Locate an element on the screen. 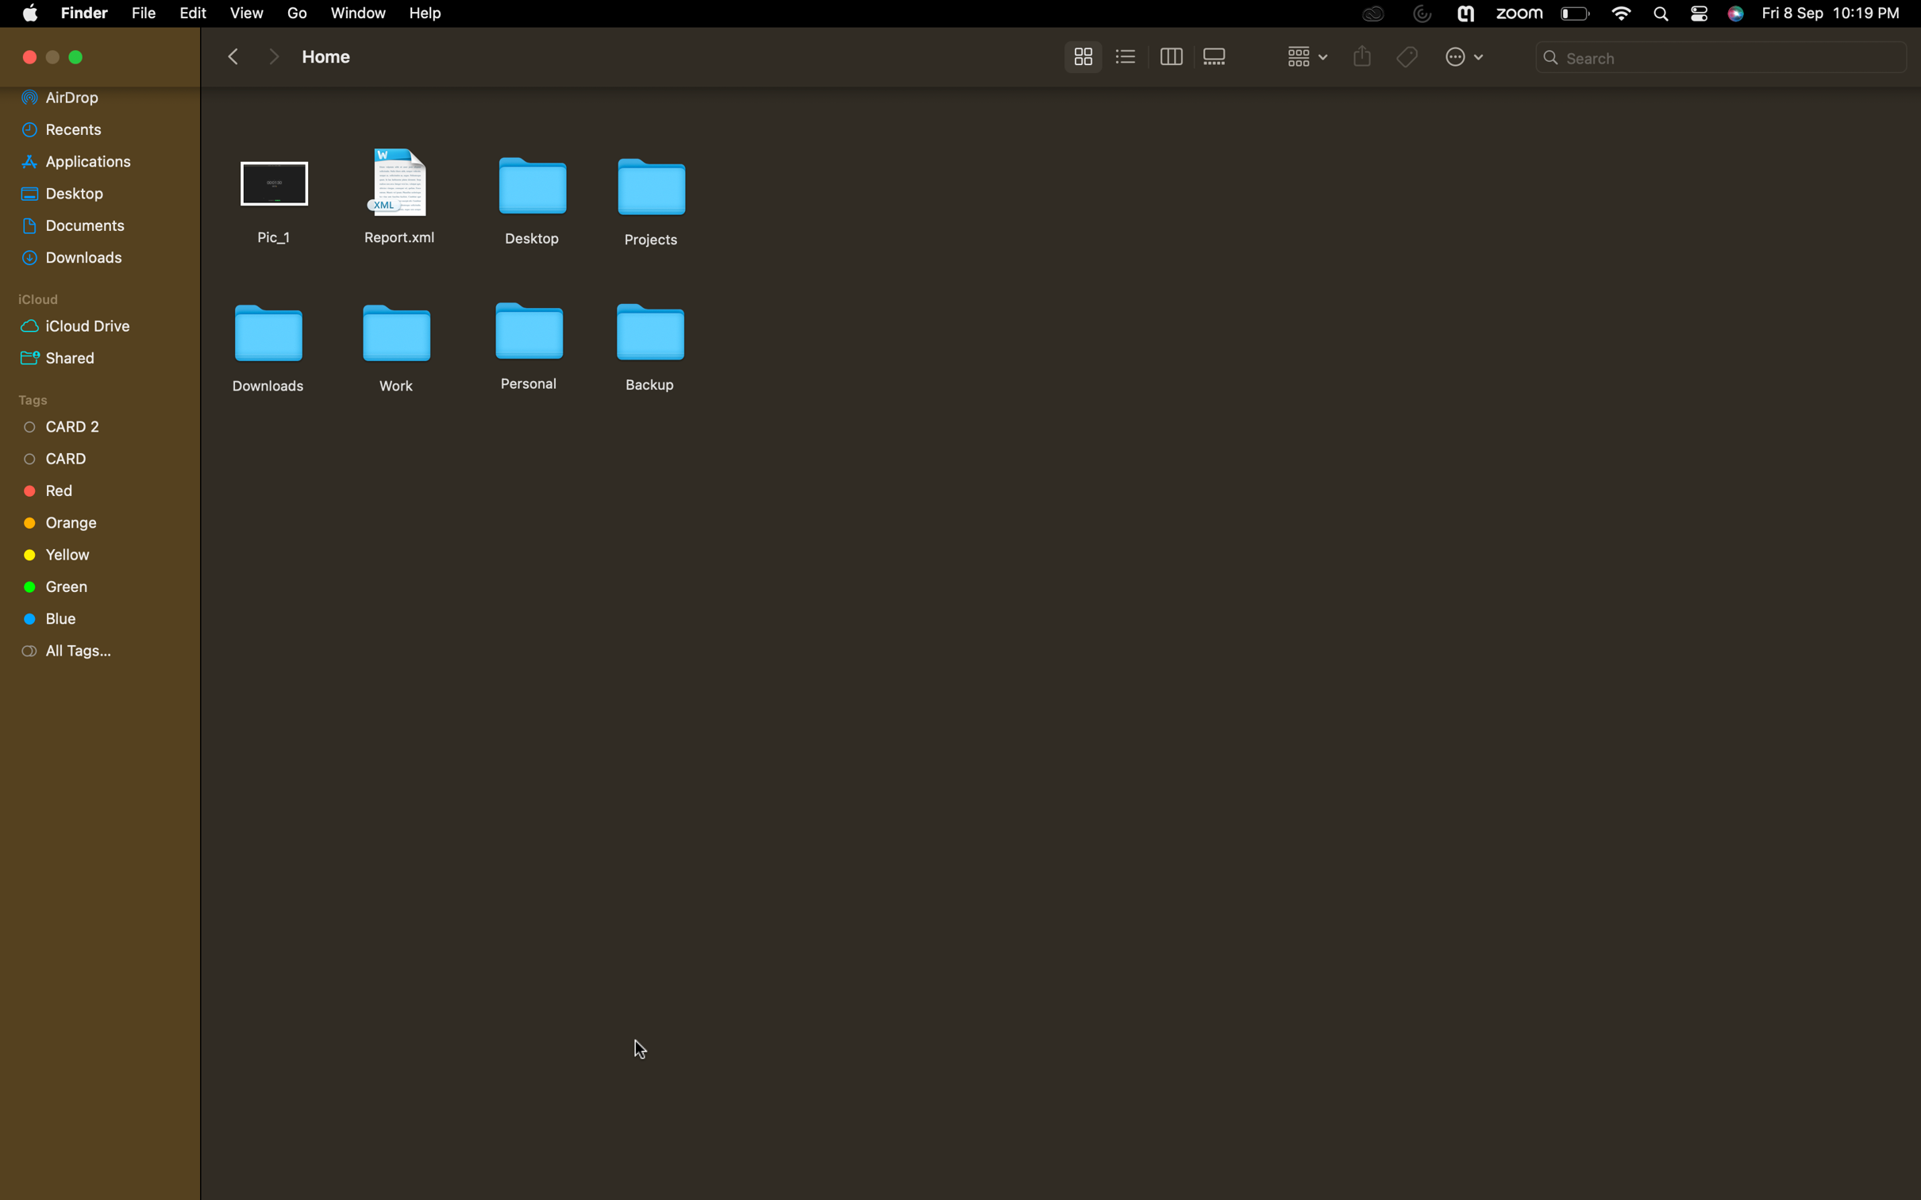  the yellow button for minimizing the current screen is located at coordinates (77, 58).